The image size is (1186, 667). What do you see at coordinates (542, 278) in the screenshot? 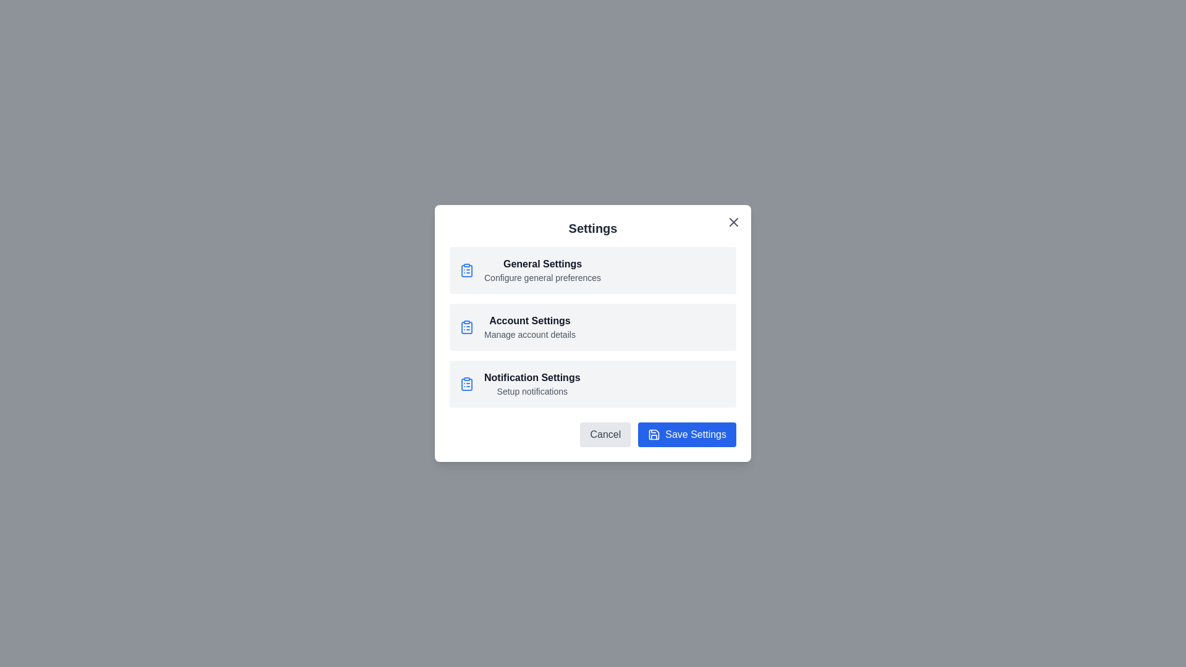
I see `the static text element that displays 'Configure general preferences', which is located beneath 'General Settings' and above 'Account Settings' in a modal window` at bounding box center [542, 278].